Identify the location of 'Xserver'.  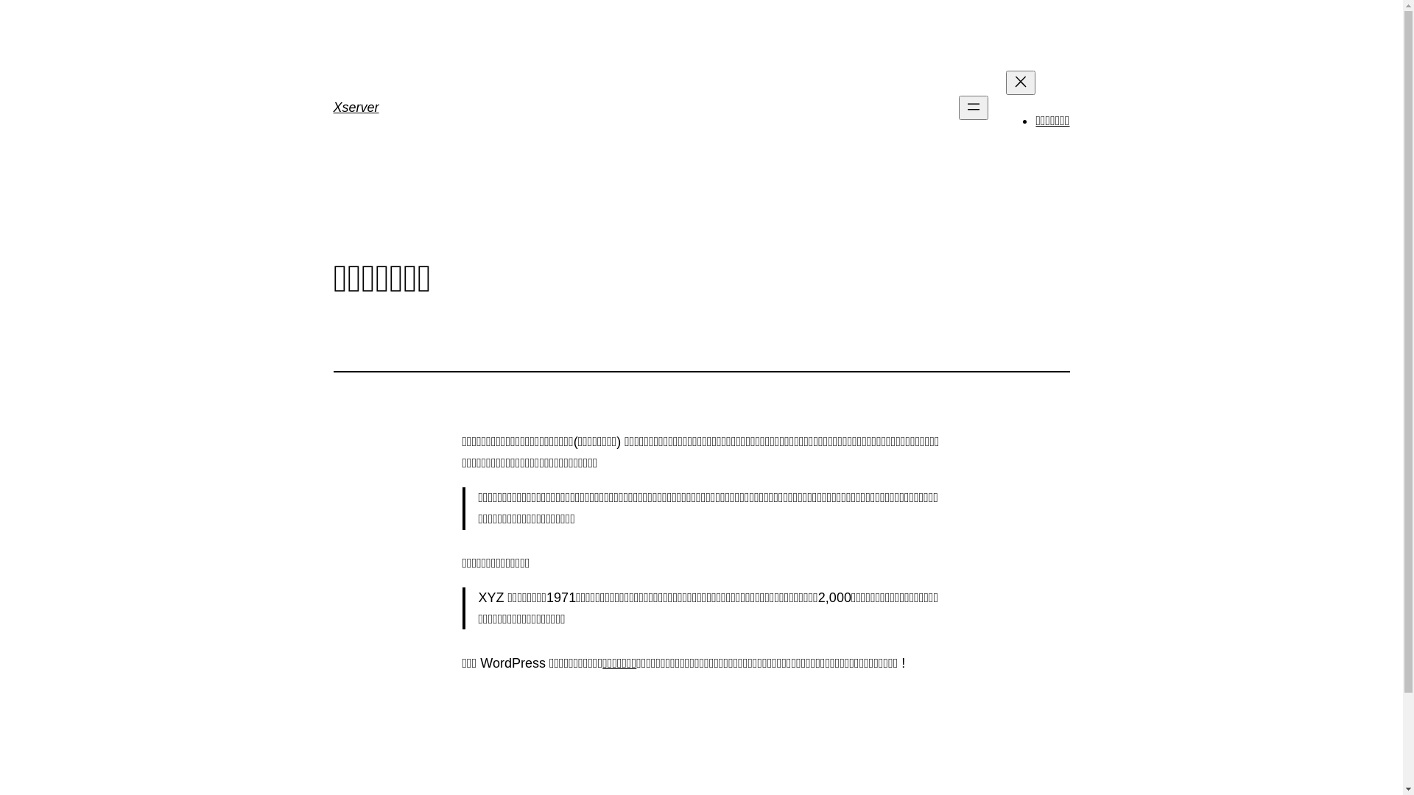
(356, 107).